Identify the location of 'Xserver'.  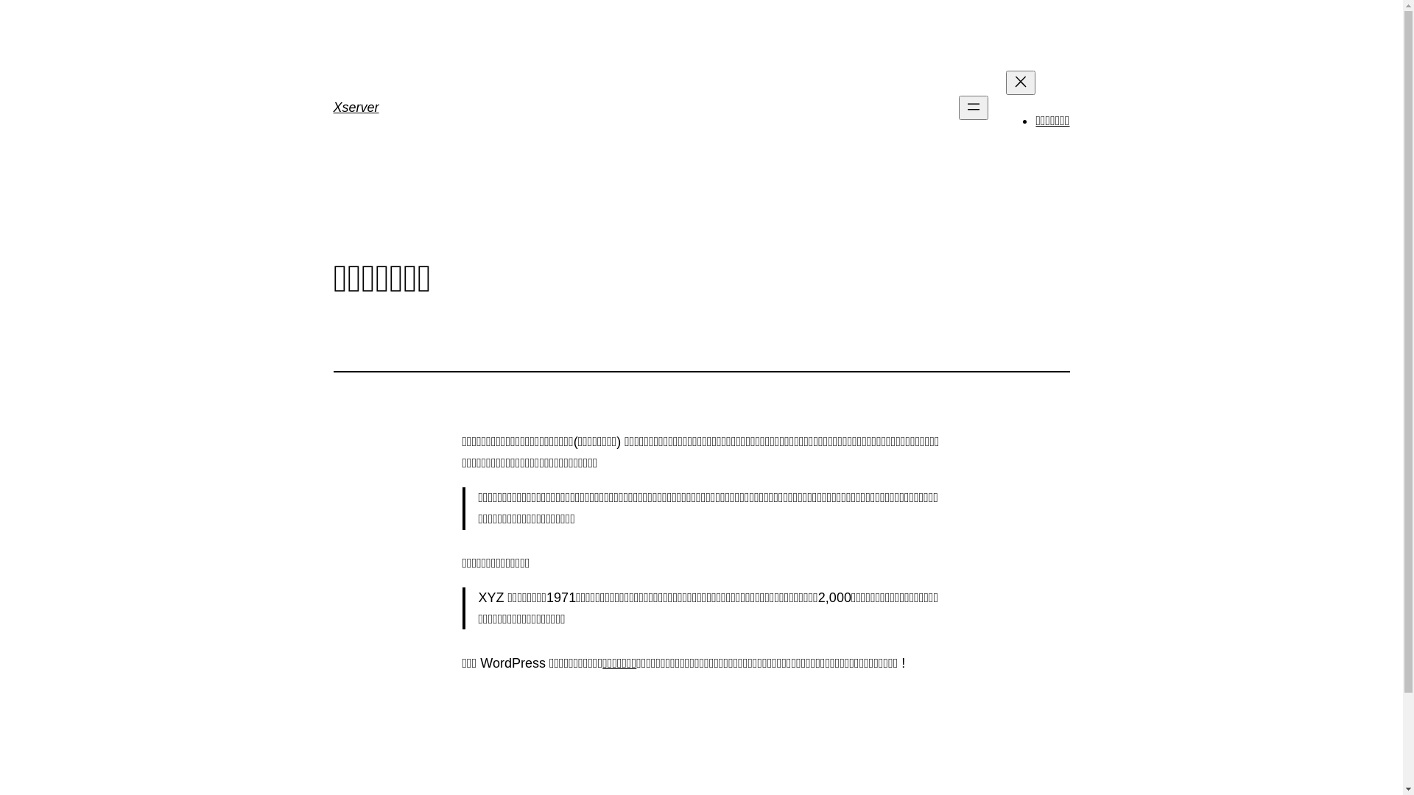
(356, 107).